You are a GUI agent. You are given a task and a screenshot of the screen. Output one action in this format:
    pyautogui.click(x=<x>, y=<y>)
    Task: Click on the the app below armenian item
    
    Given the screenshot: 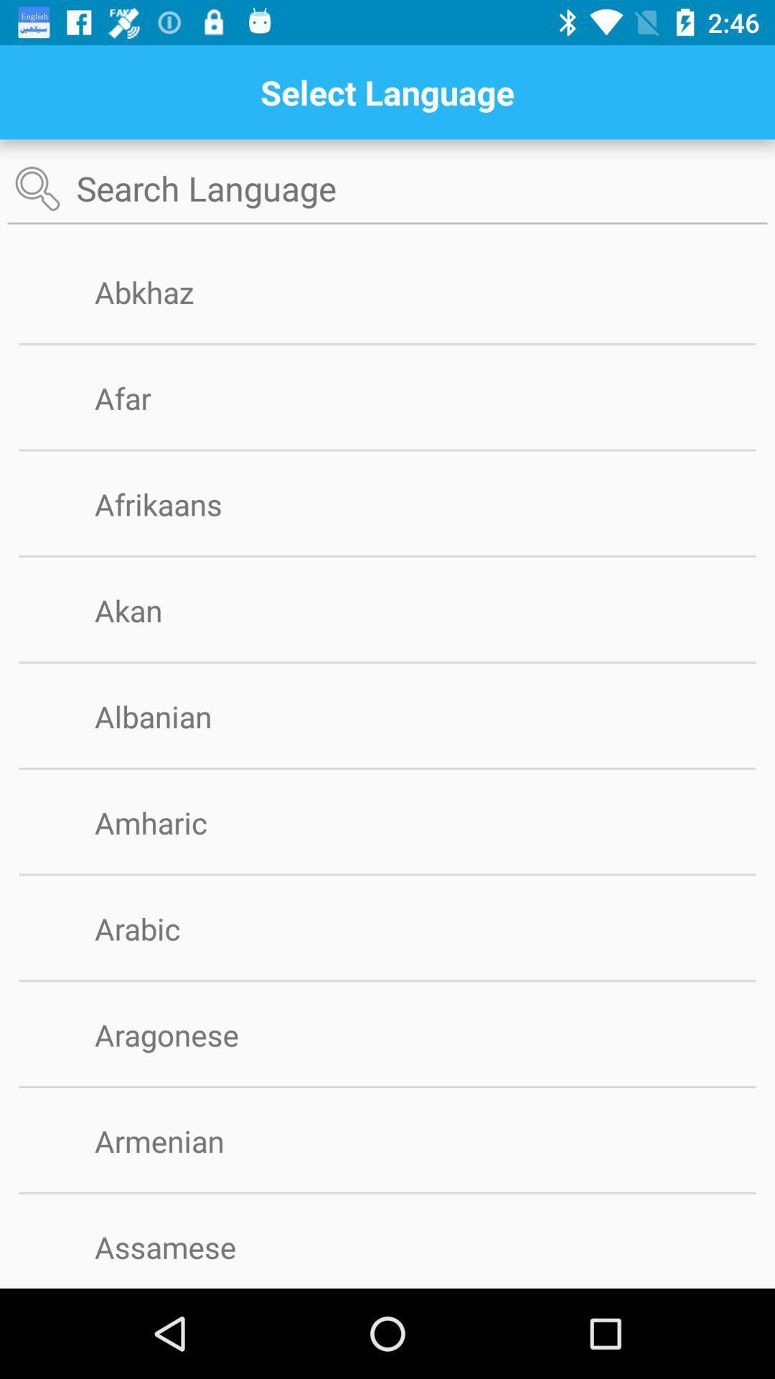 What is the action you would take?
    pyautogui.click(x=387, y=1193)
    